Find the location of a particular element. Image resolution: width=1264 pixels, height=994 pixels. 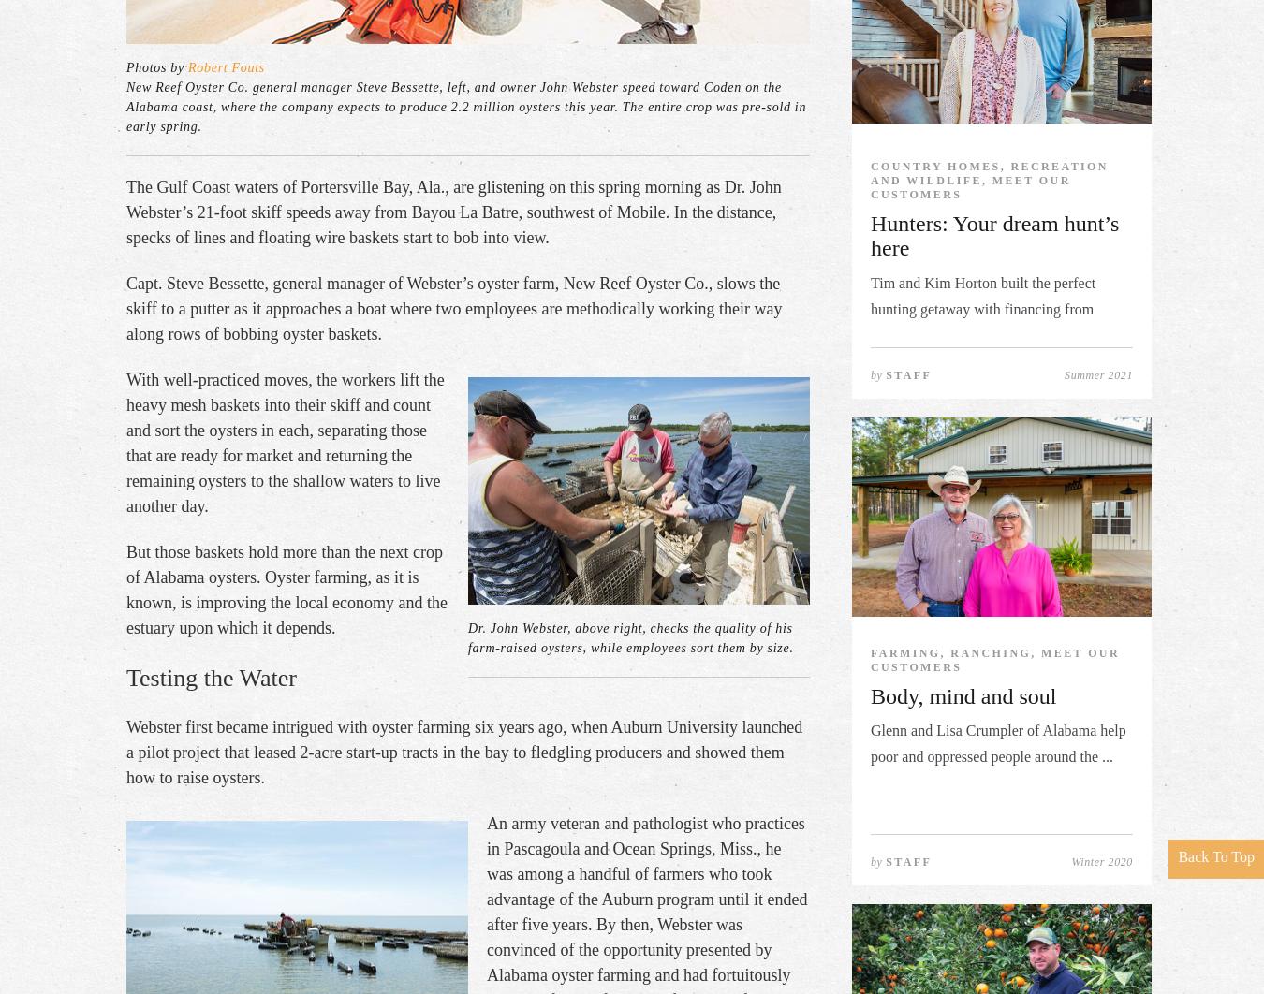

'Testing the Water' is located at coordinates (211, 677).